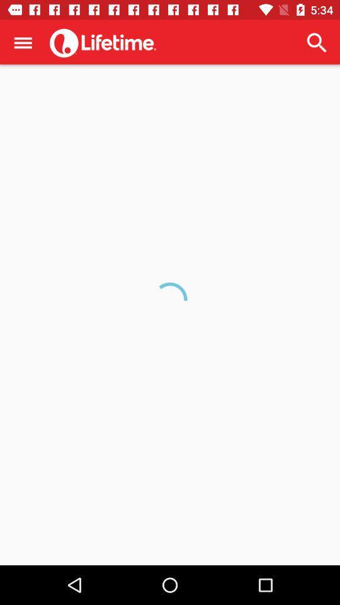 The width and height of the screenshot is (340, 605). What do you see at coordinates (23, 42) in the screenshot?
I see `icon at the top left corner` at bounding box center [23, 42].